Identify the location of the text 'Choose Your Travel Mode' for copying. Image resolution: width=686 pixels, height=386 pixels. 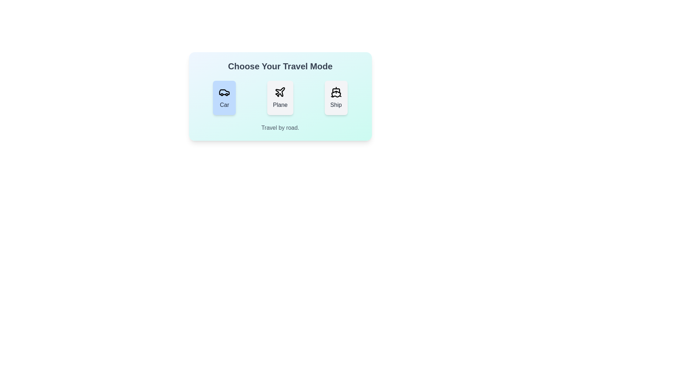
(280, 66).